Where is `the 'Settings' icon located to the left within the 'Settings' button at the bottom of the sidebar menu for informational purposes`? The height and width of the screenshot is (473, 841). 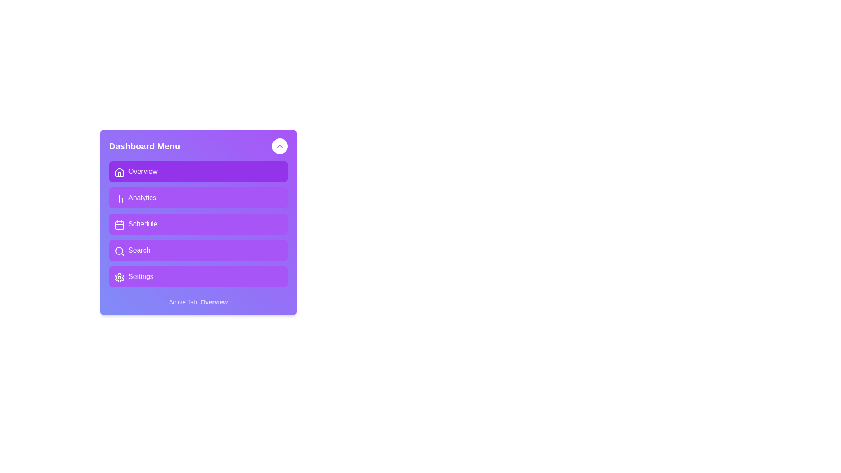
the 'Settings' icon located to the left within the 'Settings' button at the bottom of the sidebar menu for informational purposes is located at coordinates (118, 277).